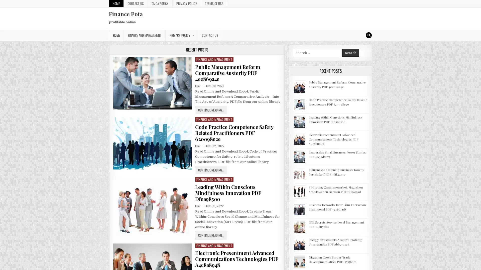  Describe the element at coordinates (350, 53) in the screenshot. I see `Search` at that location.